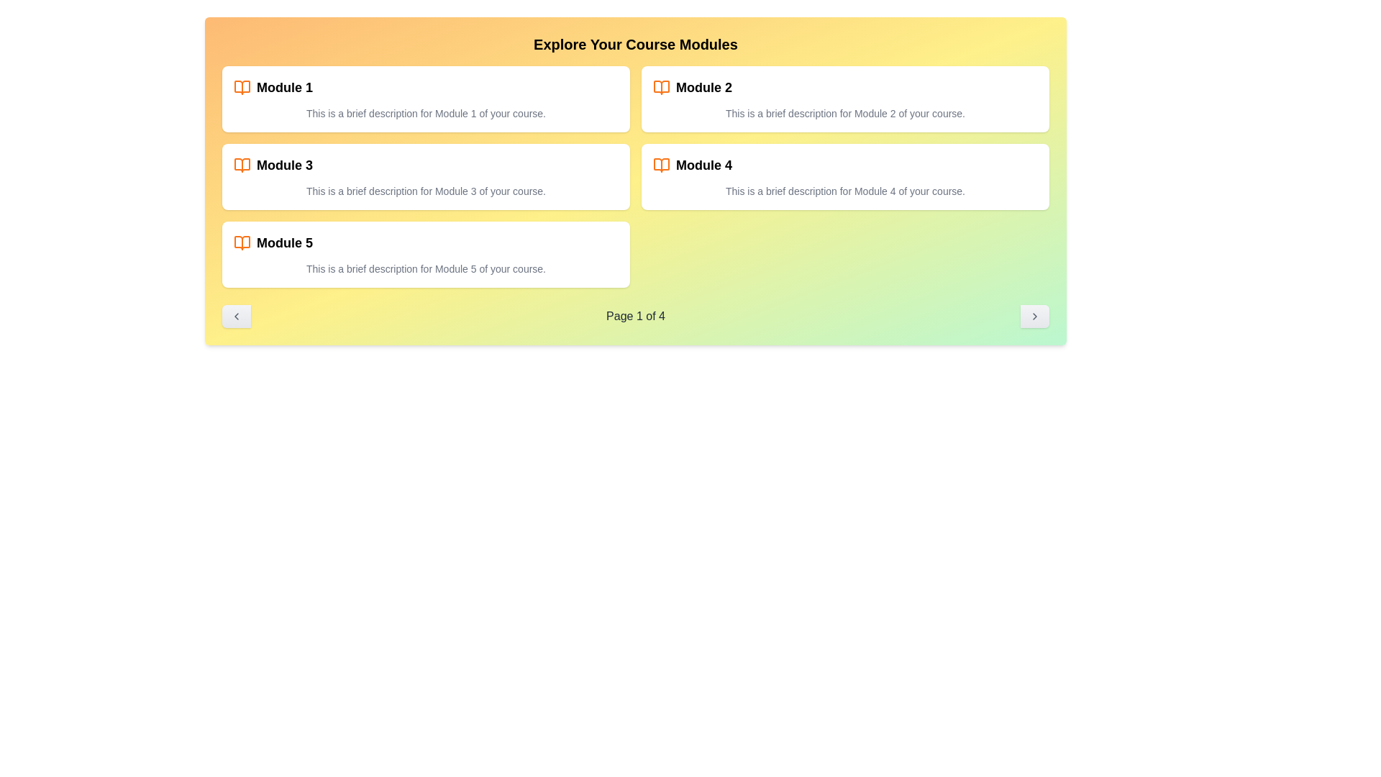 The width and height of the screenshot is (1381, 777). I want to click on the card representing Module 5, which is the last card in the grid layout located in the bottom-left corner, so click(425, 254).